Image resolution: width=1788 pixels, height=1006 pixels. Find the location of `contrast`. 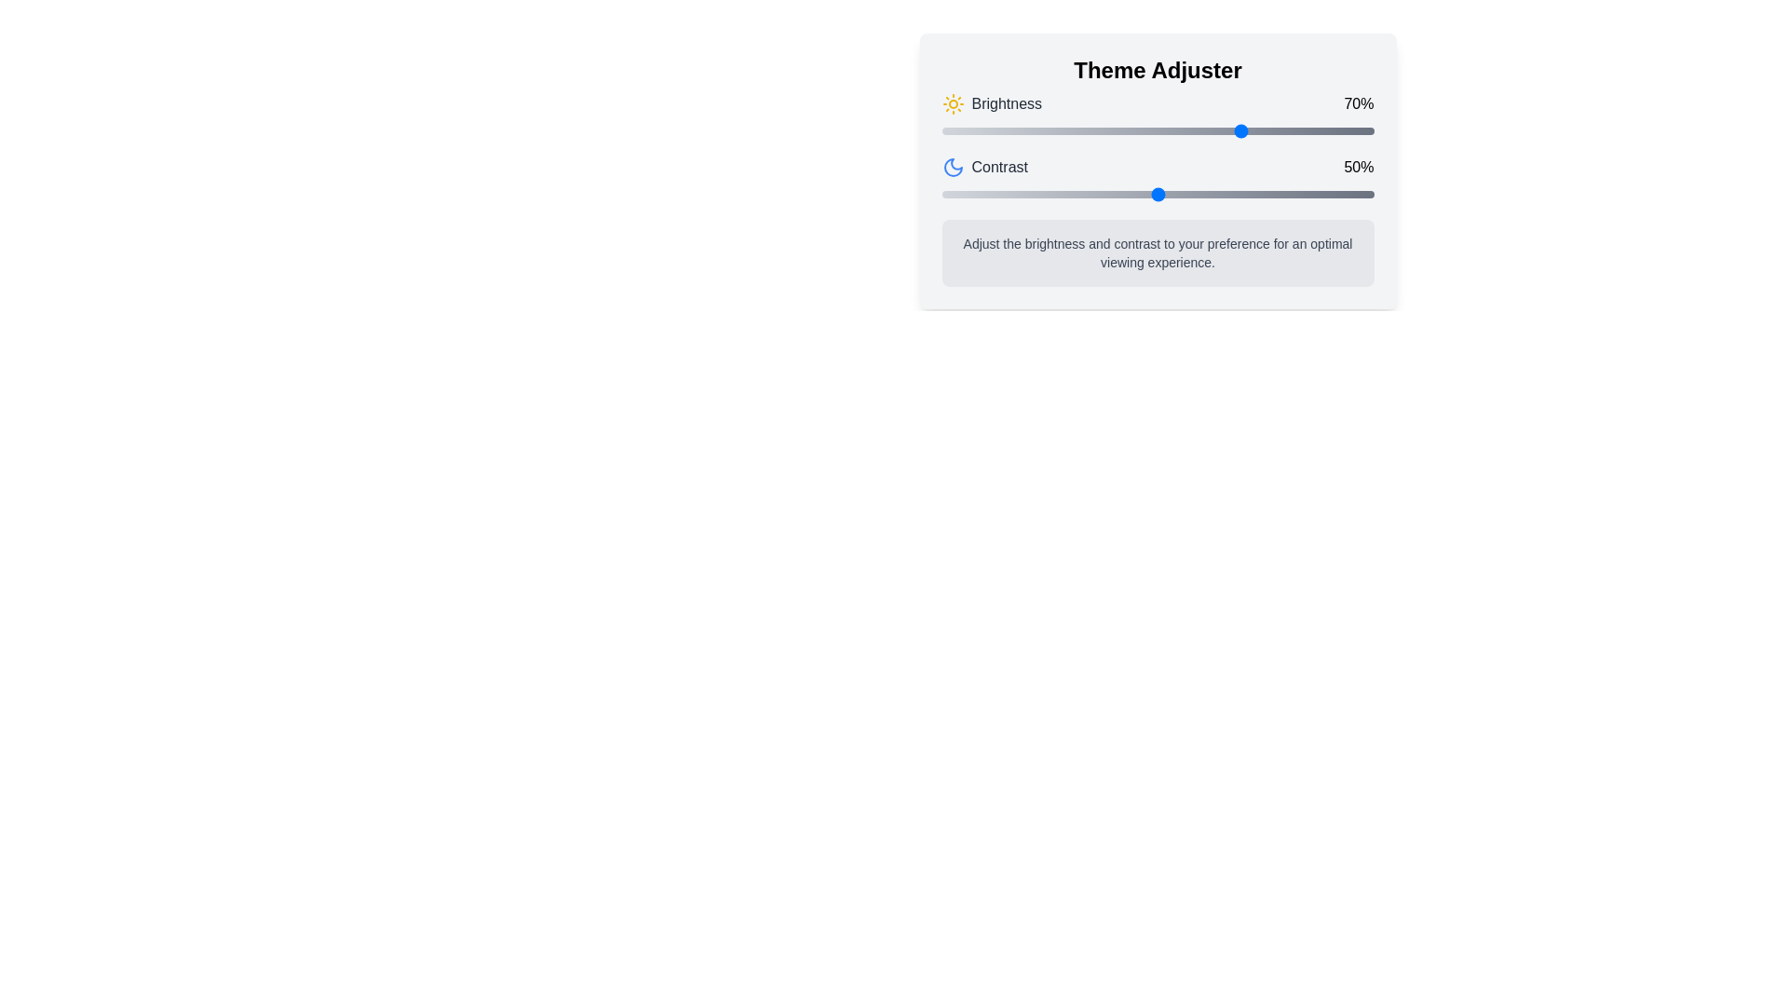

contrast is located at coordinates (1365, 194).